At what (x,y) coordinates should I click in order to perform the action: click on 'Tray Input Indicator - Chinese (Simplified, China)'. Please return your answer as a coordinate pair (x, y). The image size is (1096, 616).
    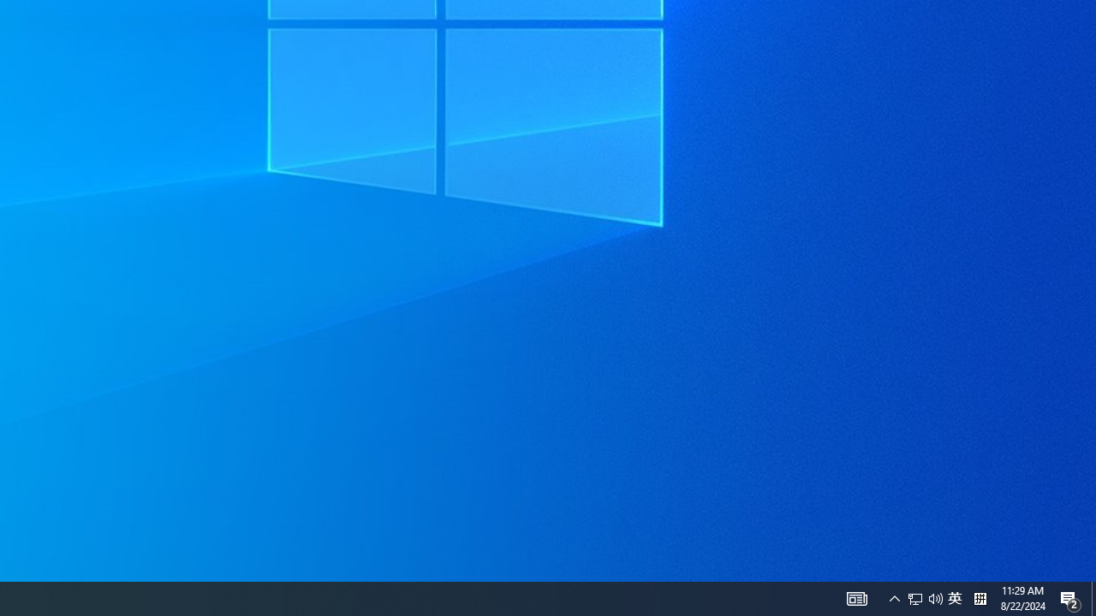
    Looking at the image, I should click on (924, 597).